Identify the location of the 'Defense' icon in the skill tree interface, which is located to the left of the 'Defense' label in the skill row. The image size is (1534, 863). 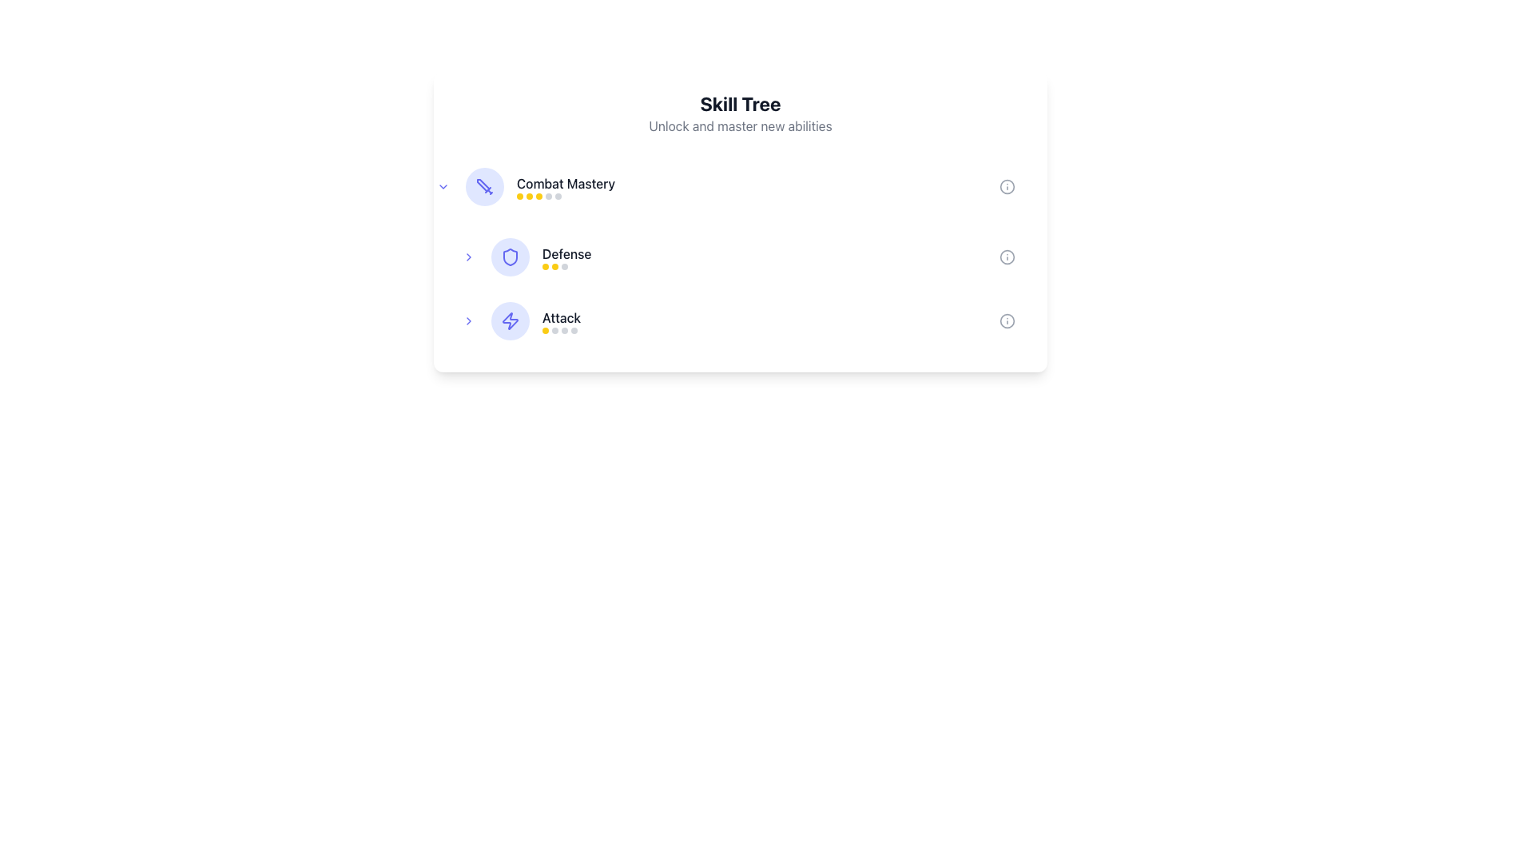
(509, 256).